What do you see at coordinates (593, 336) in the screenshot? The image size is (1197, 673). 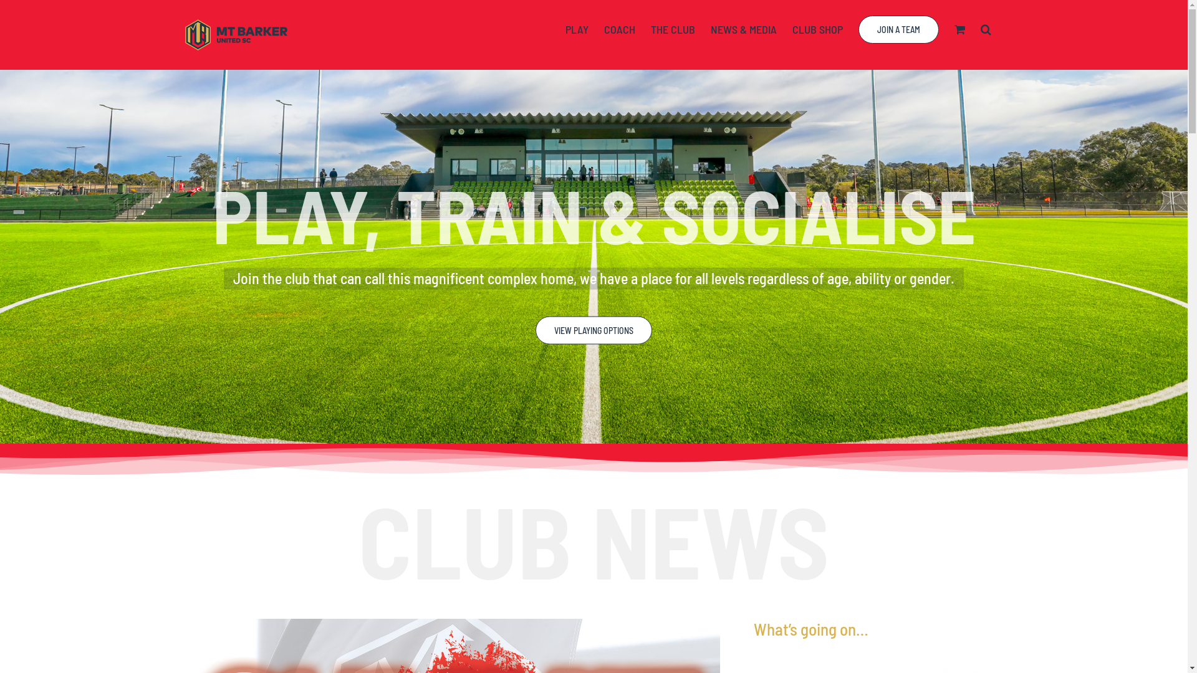 I see `'VIEW PLAYING OPTIONS'` at bounding box center [593, 336].